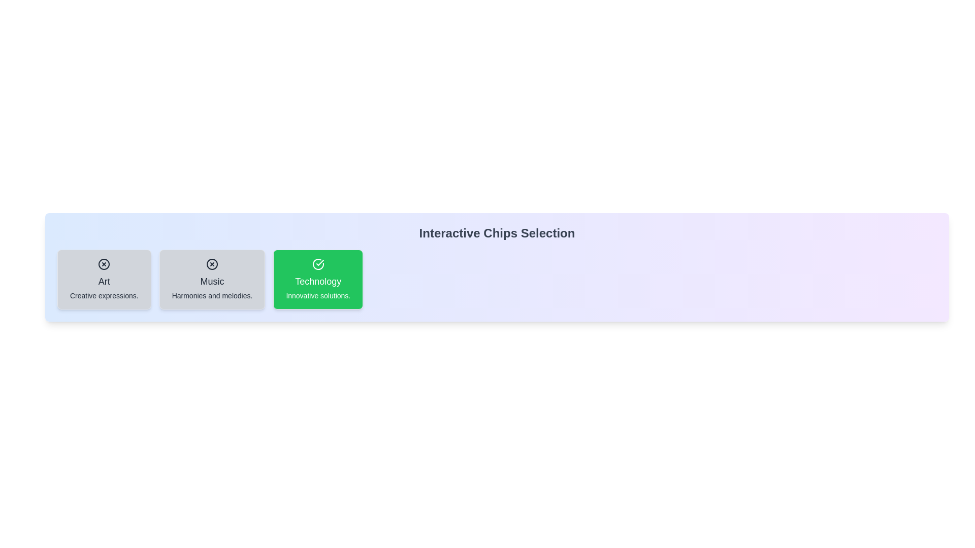 This screenshot has width=975, height=548. I want to click on the chip labeled 'Art' by clicking on it, so click(104, 280).